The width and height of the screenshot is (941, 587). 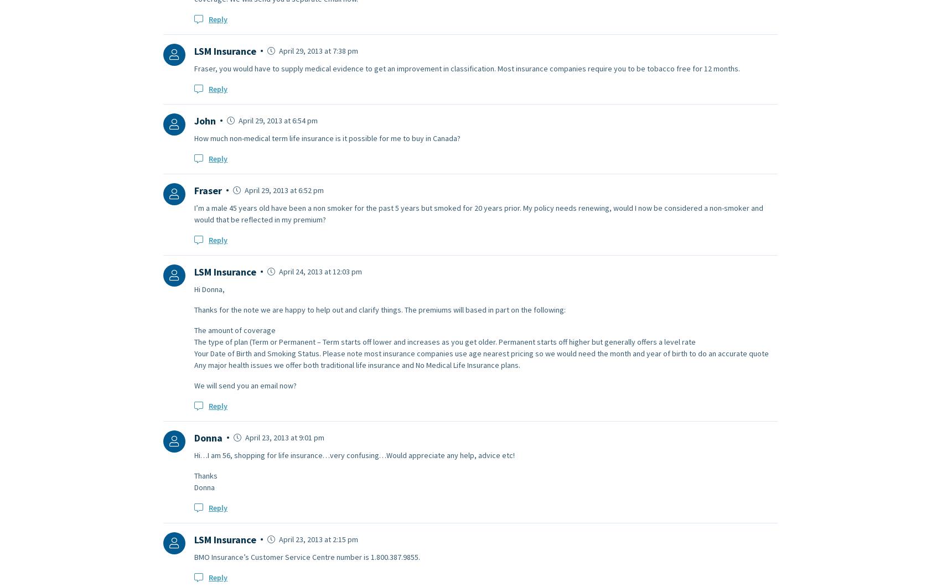 I want to click on 'Any major health issues we offer both traditional life insurance and No Medical Life Insurance plans.', so click(x=194, y=363).